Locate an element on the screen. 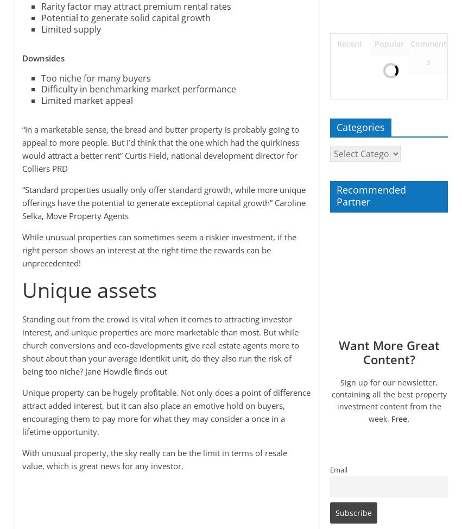 The image size is (462, 529). '“In a marketable sense, the bread and butter property is probably going to appeal to more people. But I’d think that the one which had the quirkiness would attract a better rent” Curtis Field, national development director for Colliers PRD' is located at coordinates (21, 148).